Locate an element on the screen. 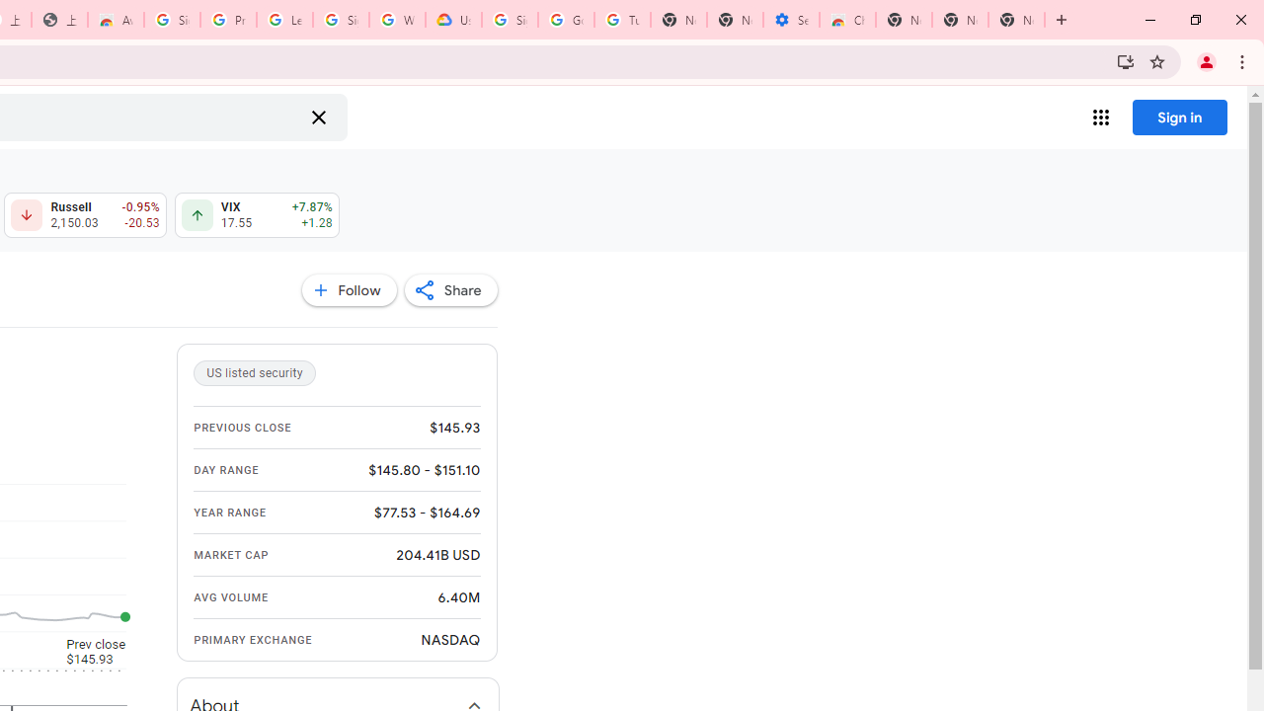 The width and height of the screenshot is (1264, 711). 'Follow' is located at coordinates (349, 290).